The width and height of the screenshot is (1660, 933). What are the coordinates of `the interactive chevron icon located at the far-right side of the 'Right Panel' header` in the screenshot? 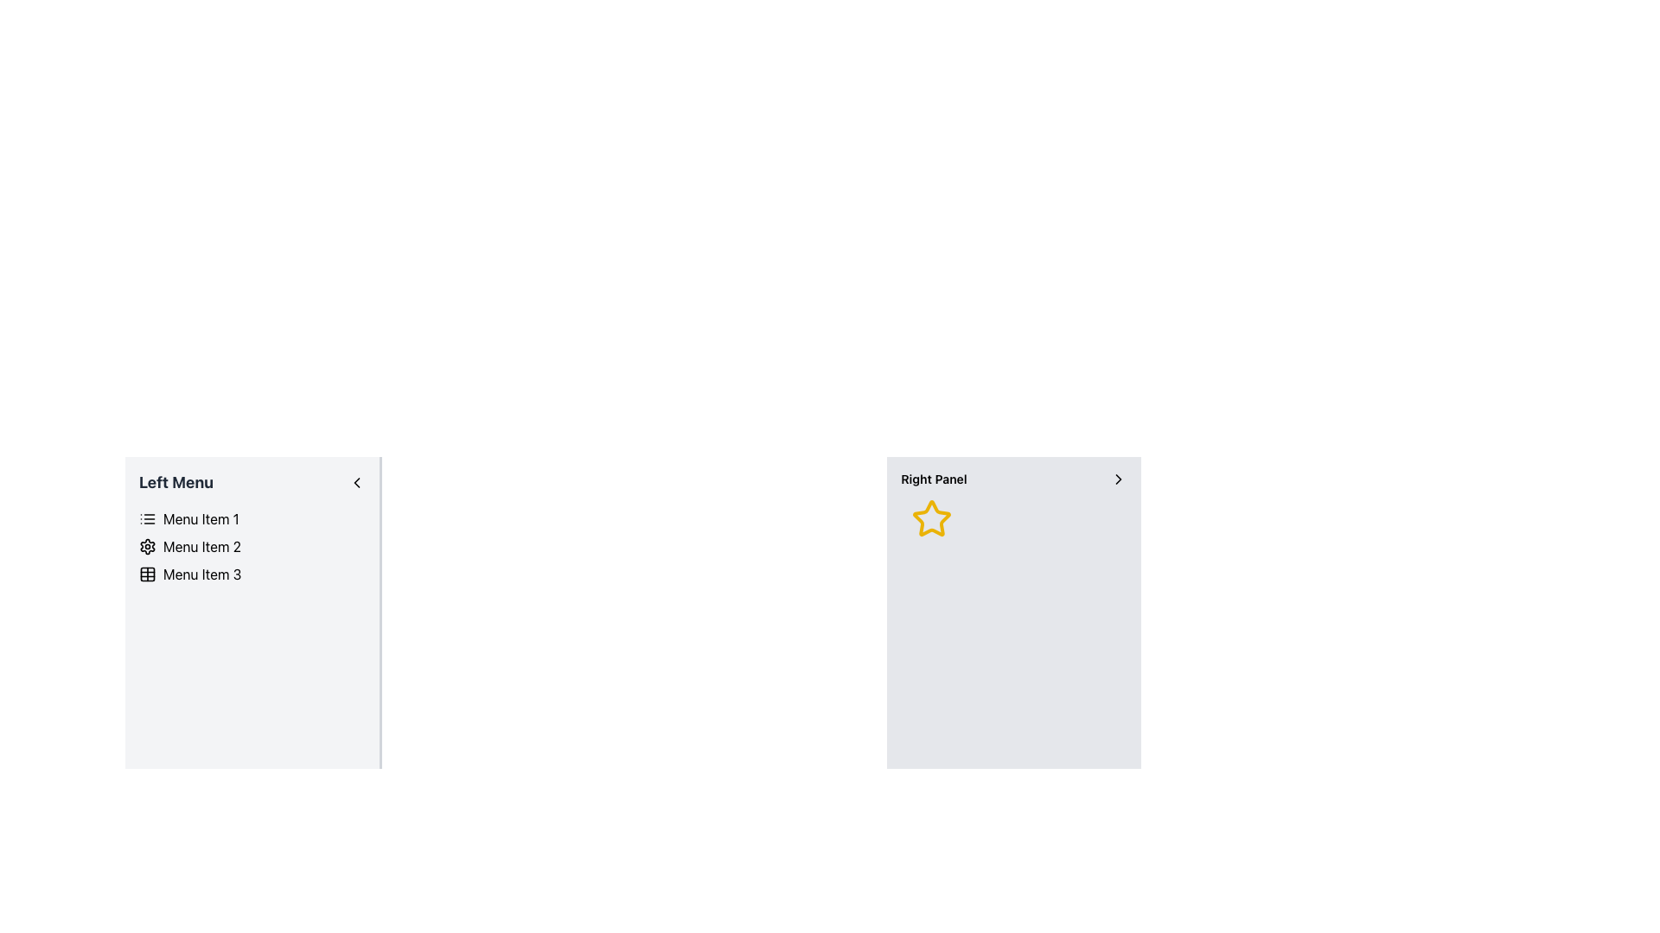 It's located at (1119, 479).